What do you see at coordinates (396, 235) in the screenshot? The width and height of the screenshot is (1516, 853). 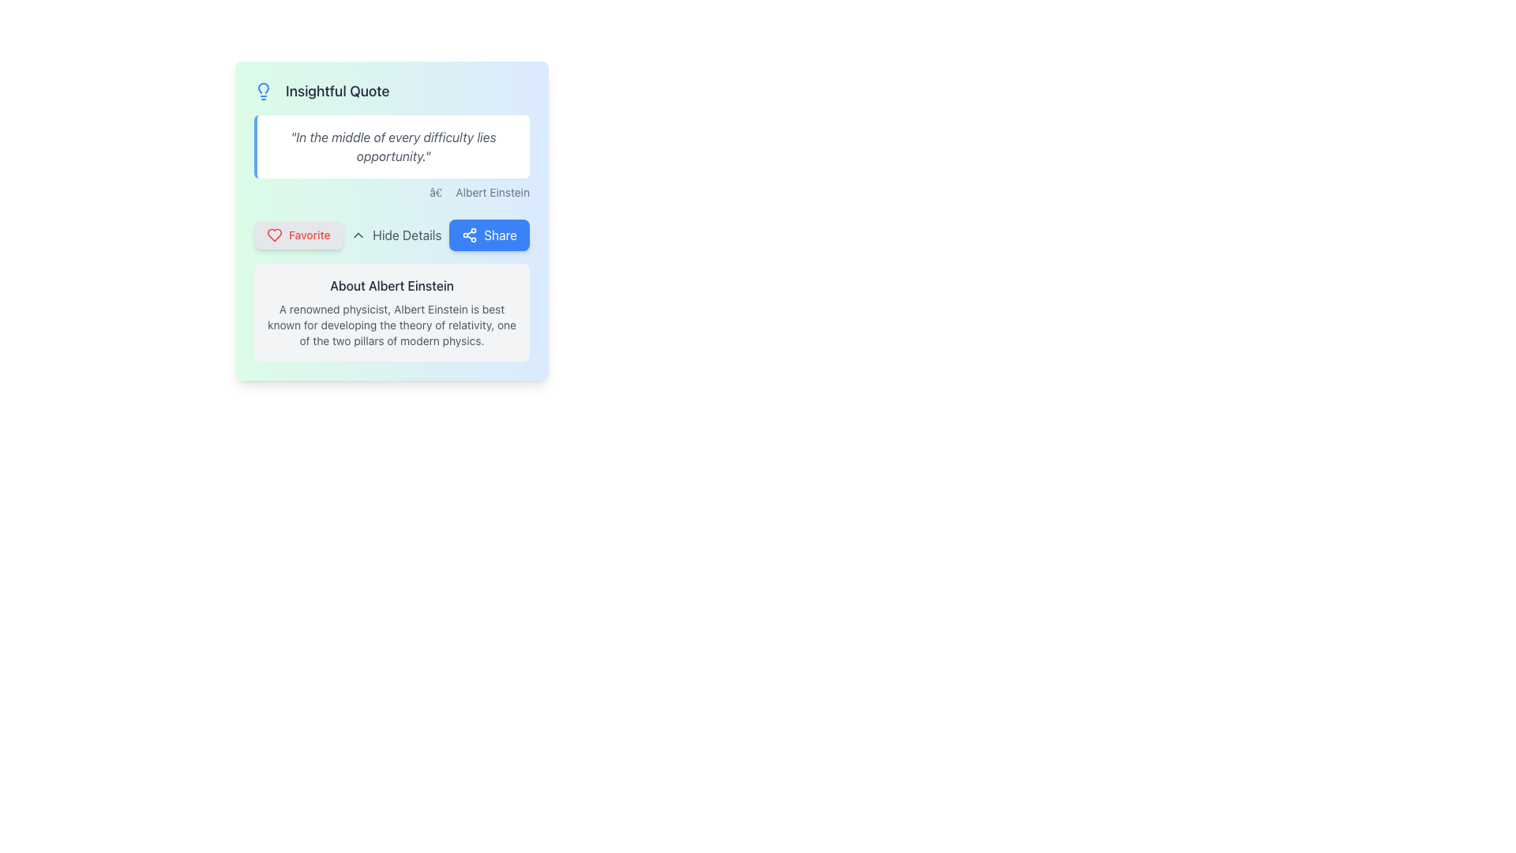 I see `the 'Hide Details' button, which is styled in gray and changes color on hover, located between the 'Favorite' and 'Share' buttons` at bounding box center [396, 235].